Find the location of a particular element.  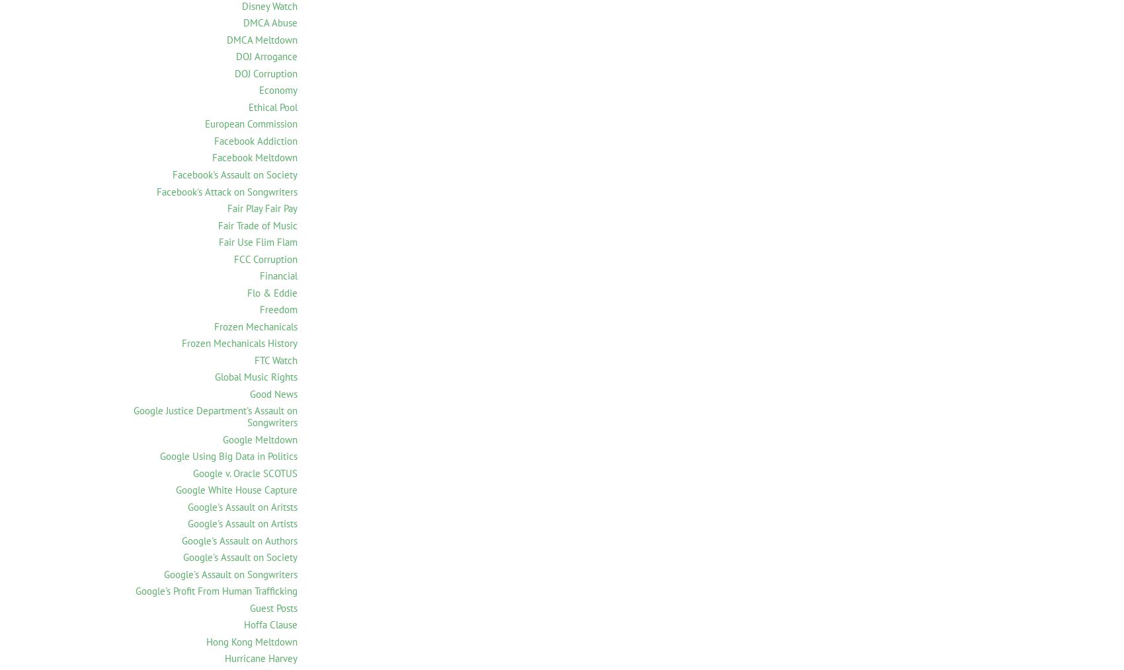

'Guest Posts' is located at coordinates (272, 607).